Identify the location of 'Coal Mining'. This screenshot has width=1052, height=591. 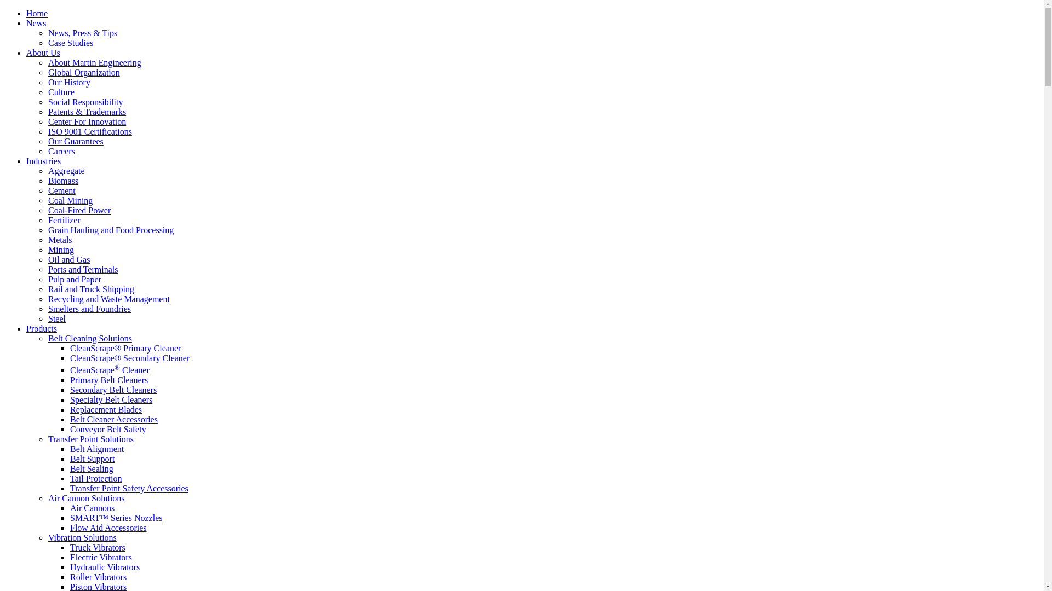
(70, 200).